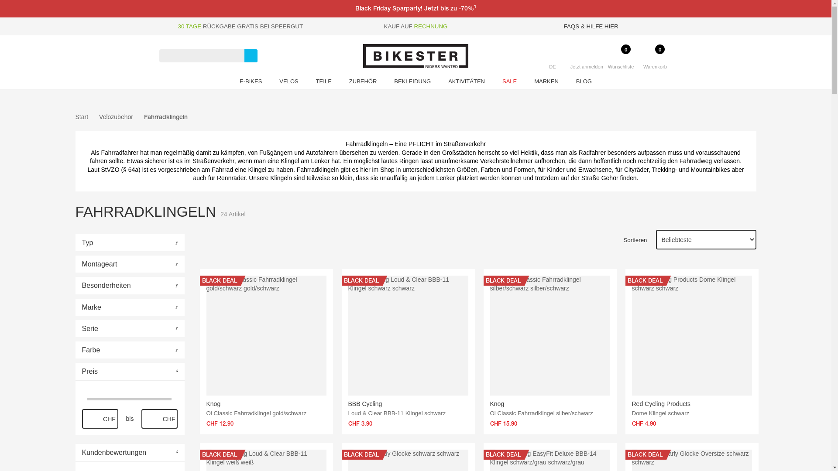 Image resolution: width=838 pixels, height=471 pixels. What do you see at coordinates (82, 117) in the screenshot?
I see `'Start'` at bounding box center [82, 117].